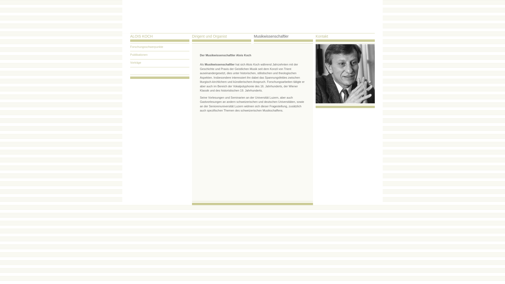 The image size is (505, 284). What do you see at coordinates (141, 37) in the screenshot?
I see `'ALOIS KOCH'` at bounding box center [141, 37].